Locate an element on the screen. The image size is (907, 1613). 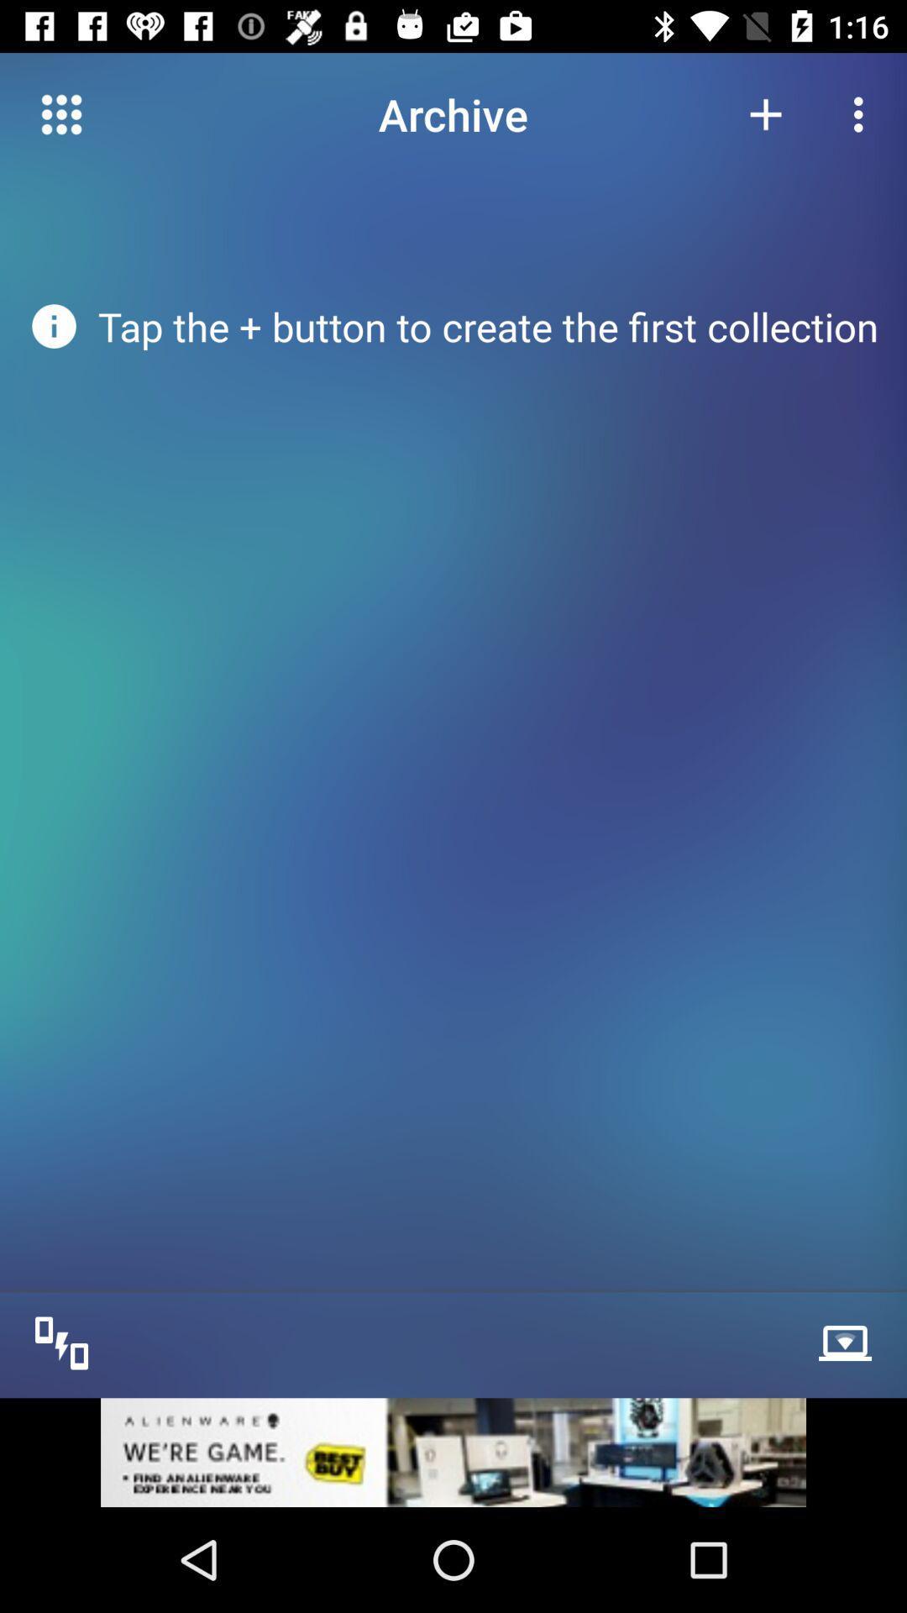
the advertisement is located at coordinates (453, 1451).